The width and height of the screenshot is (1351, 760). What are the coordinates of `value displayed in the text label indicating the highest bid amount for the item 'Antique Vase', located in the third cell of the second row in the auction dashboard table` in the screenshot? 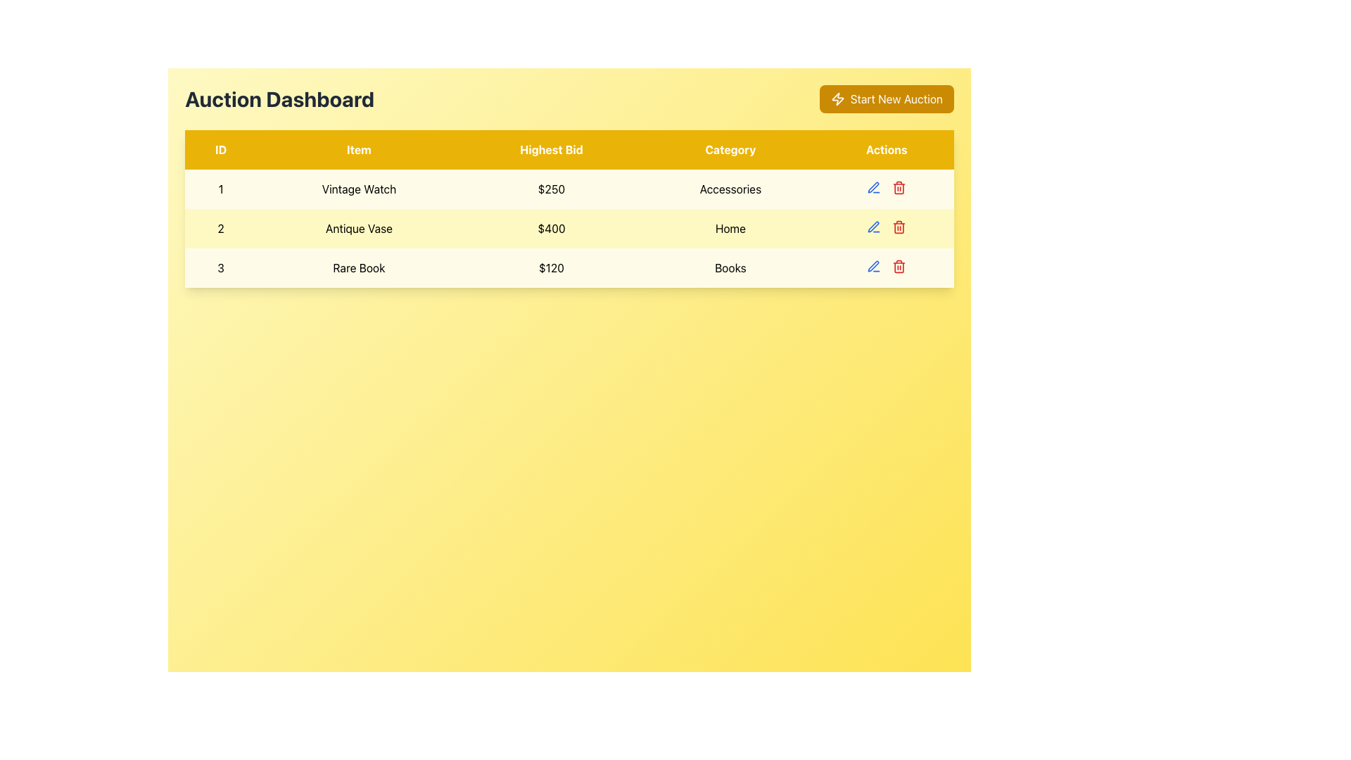 It's located at (550, 227).